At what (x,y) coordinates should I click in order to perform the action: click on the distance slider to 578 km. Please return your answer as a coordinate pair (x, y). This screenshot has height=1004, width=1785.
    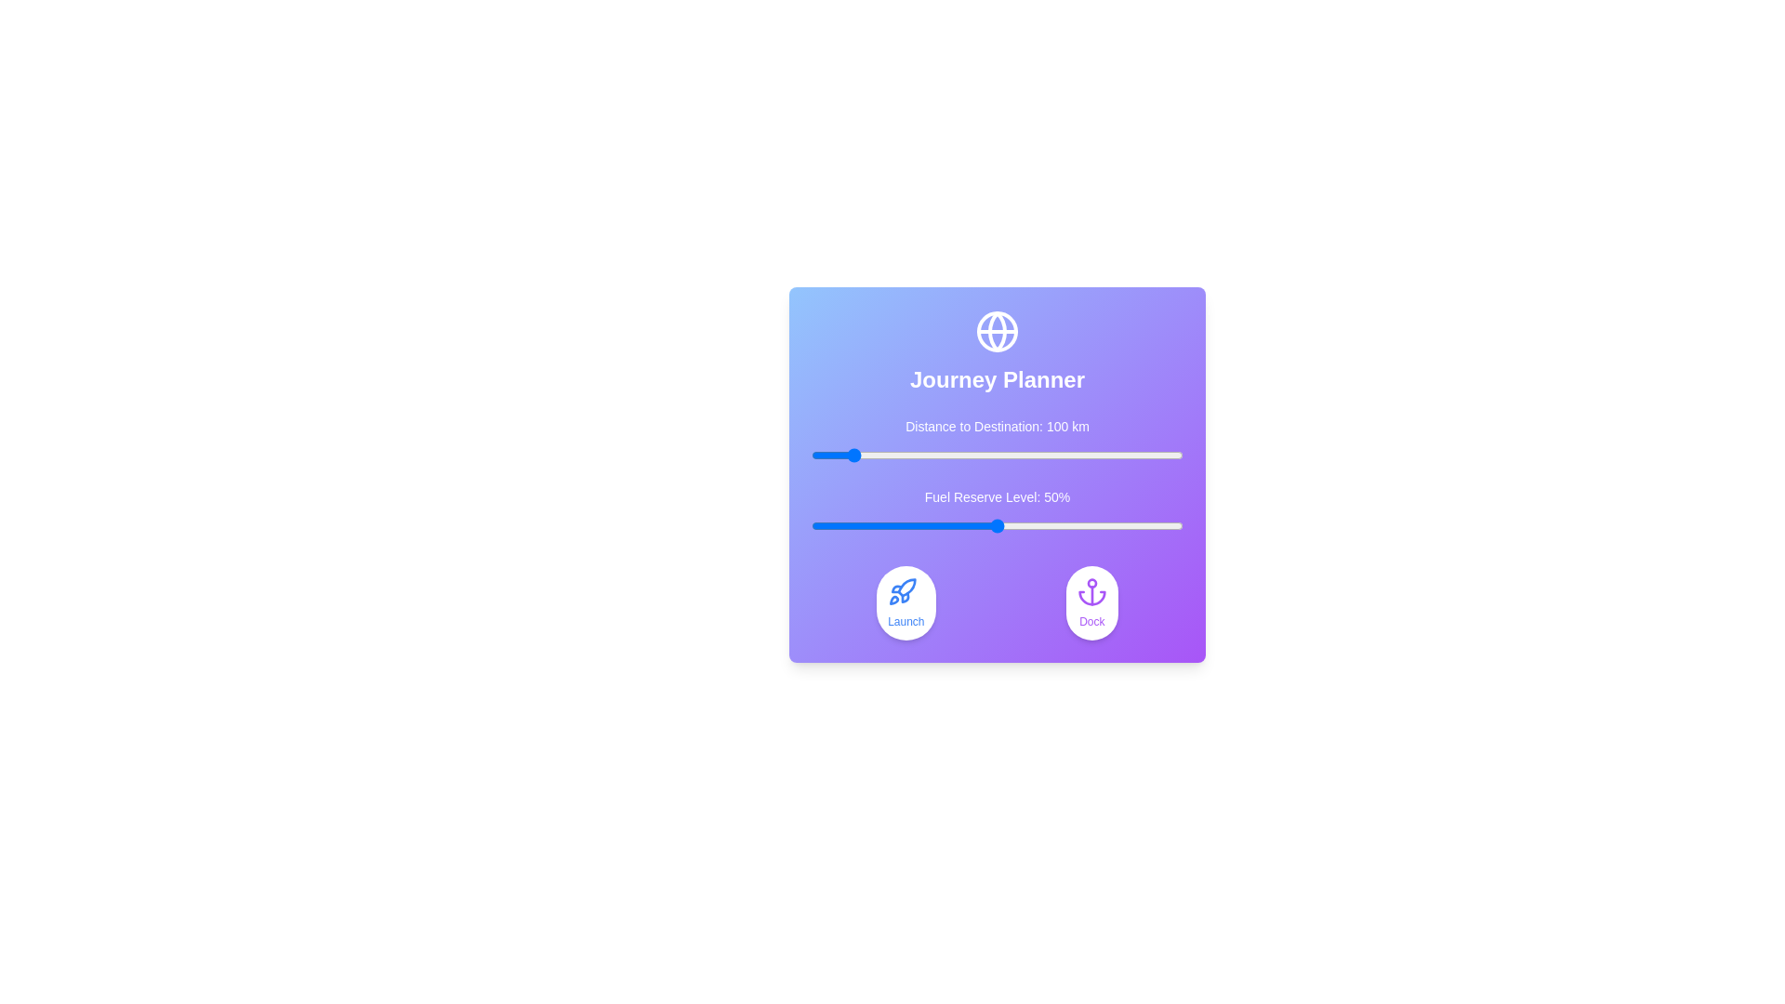
    Looking at the image, I should click on (1025, 455).